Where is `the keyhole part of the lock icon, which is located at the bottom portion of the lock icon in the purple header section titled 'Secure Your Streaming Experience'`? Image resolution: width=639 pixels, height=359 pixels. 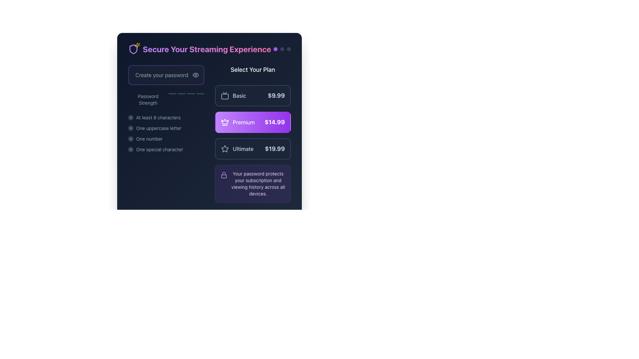
the keyhole part of the lock icon, which is located at the bottom portion of the lock icon in the purple header section titled 'Secure Your Streaming Experience' is located at coordinates (224, 176).